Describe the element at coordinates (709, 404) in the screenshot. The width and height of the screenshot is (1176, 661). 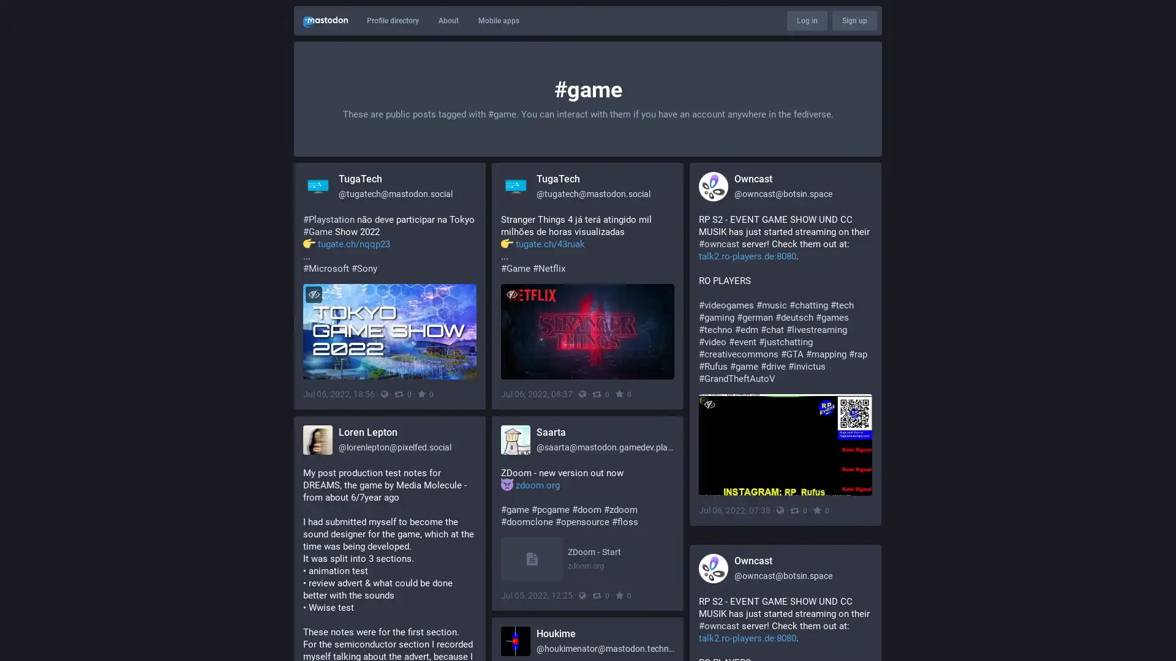
I see `Hide image` at that location.